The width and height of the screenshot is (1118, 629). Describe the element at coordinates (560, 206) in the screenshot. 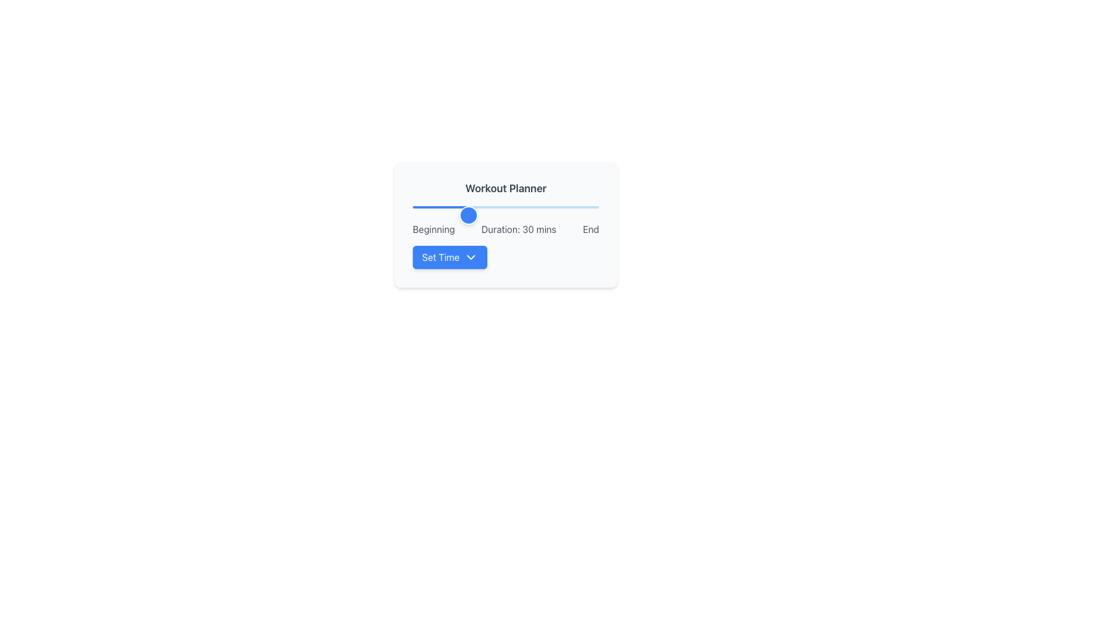

I see `the slider` at that location.